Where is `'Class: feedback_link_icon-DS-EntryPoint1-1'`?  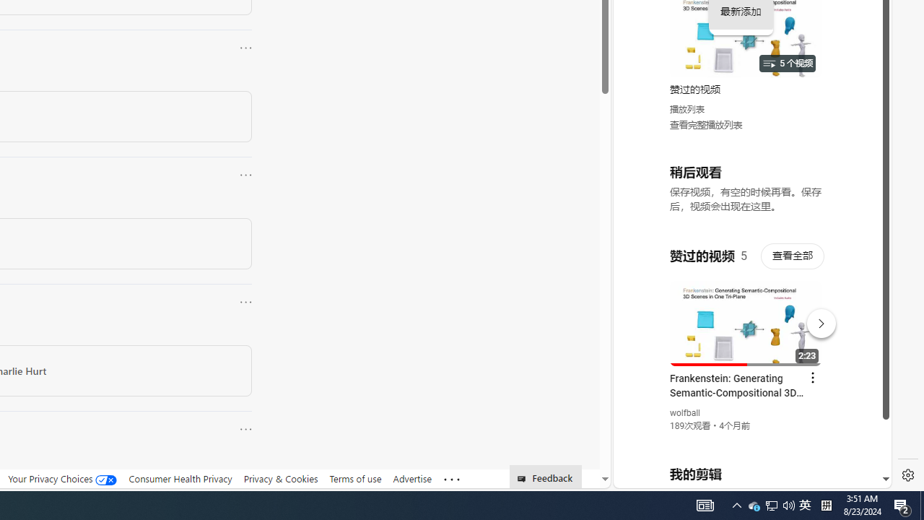 'Class: feedback_link_icon-DS-EntryPoint1-1' is located at coordinates (524, 479).